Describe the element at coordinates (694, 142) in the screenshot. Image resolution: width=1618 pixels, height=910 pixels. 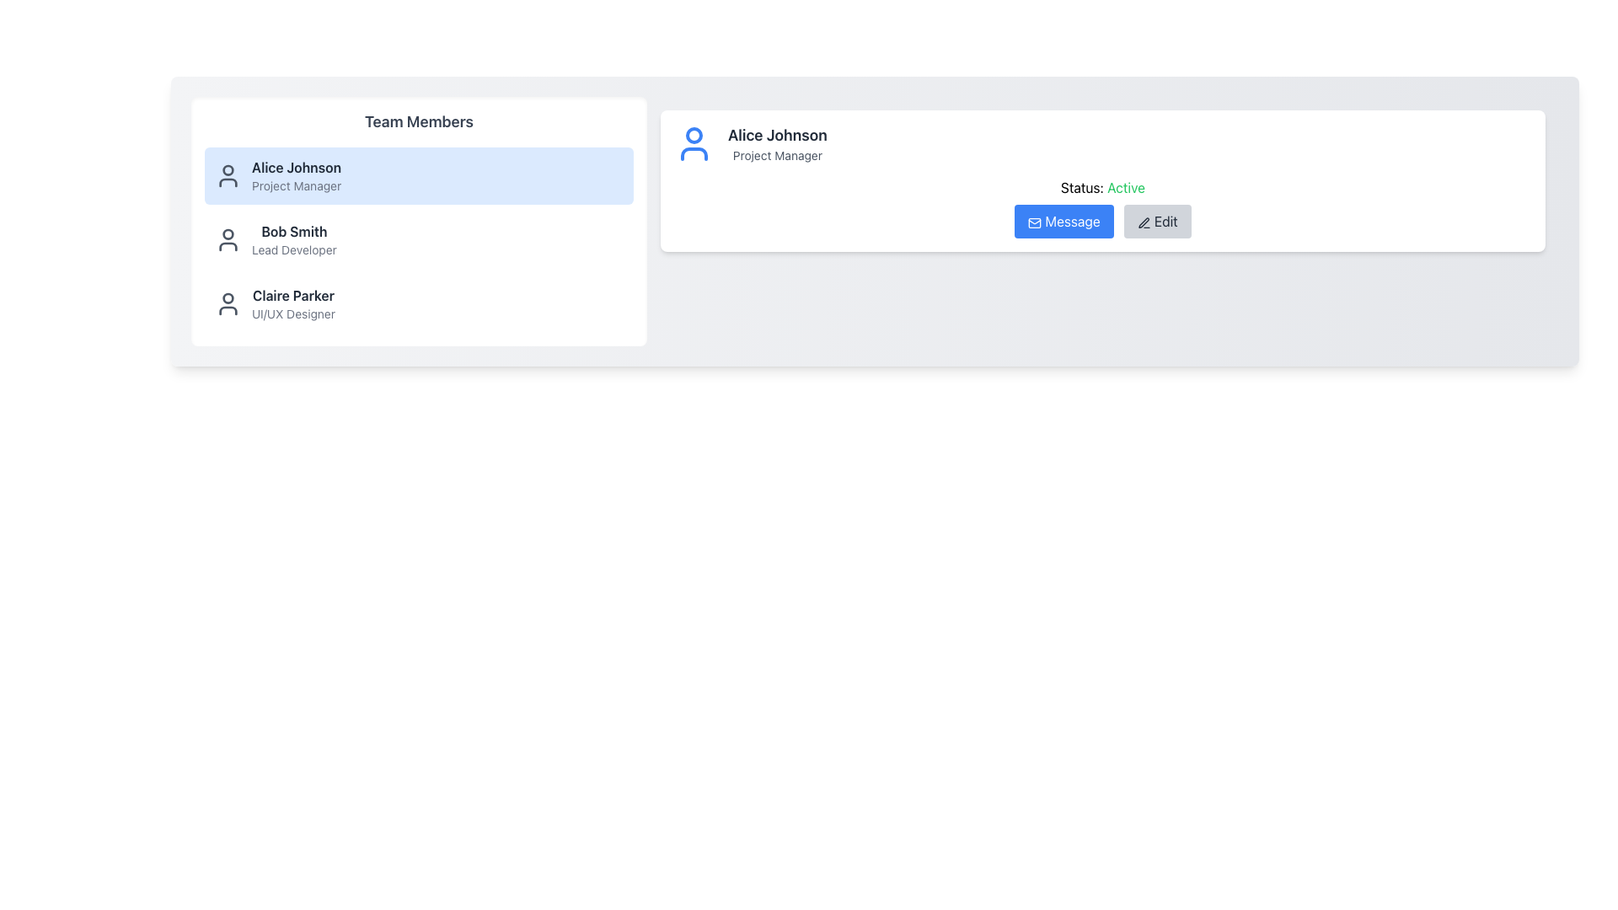
I see `the user icon representing 'Alice Johnson', the Project Manager, located in the right-hand panel of the interface` at that location.